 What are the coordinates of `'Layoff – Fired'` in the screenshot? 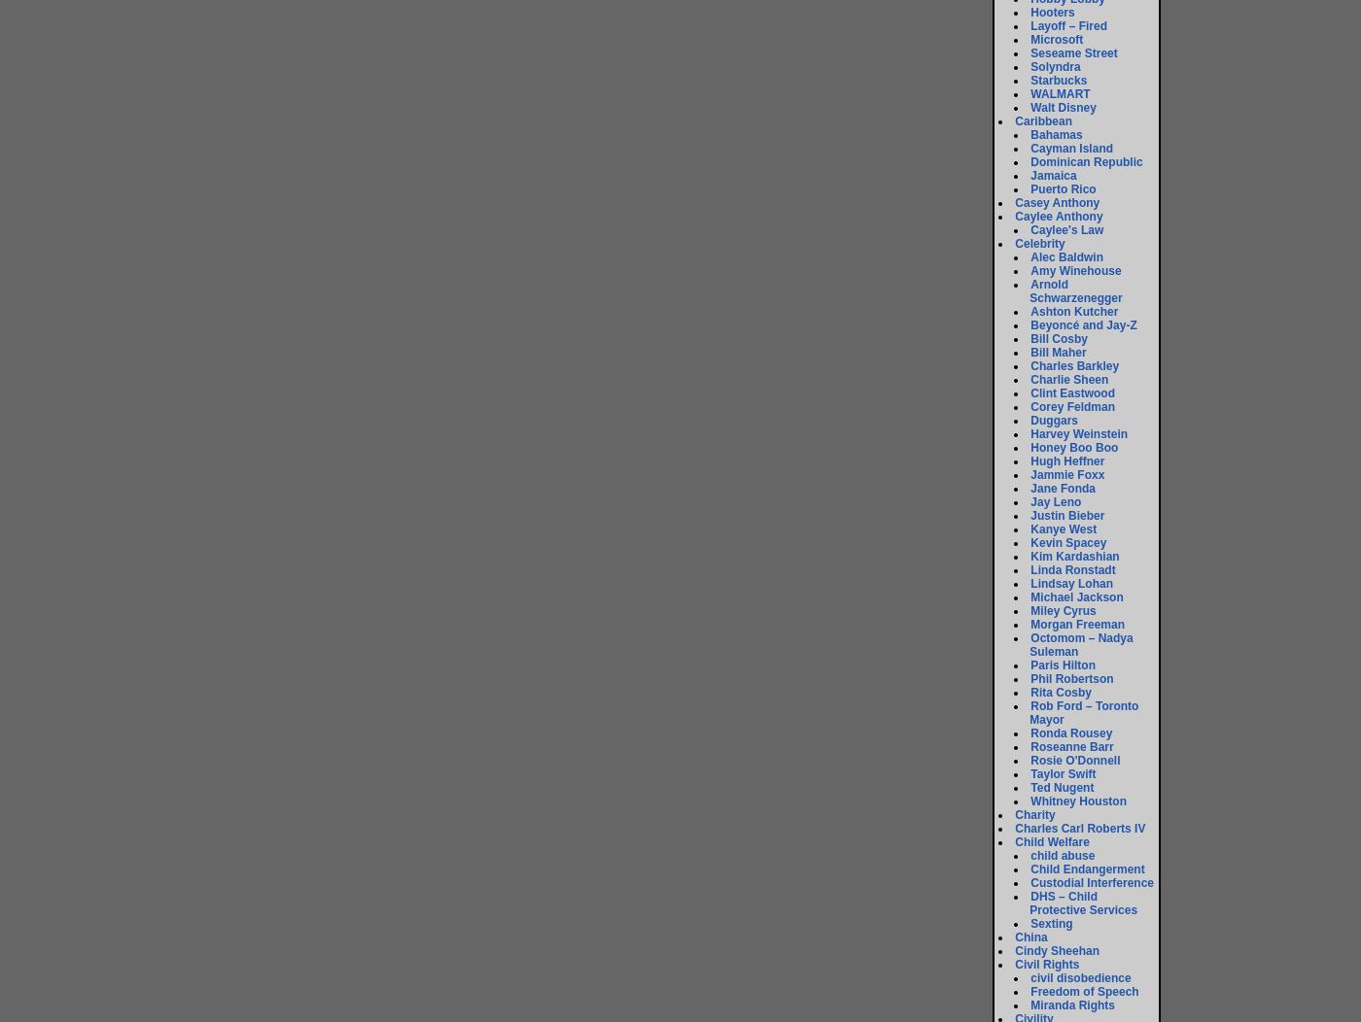 It's located at (1068, 26).